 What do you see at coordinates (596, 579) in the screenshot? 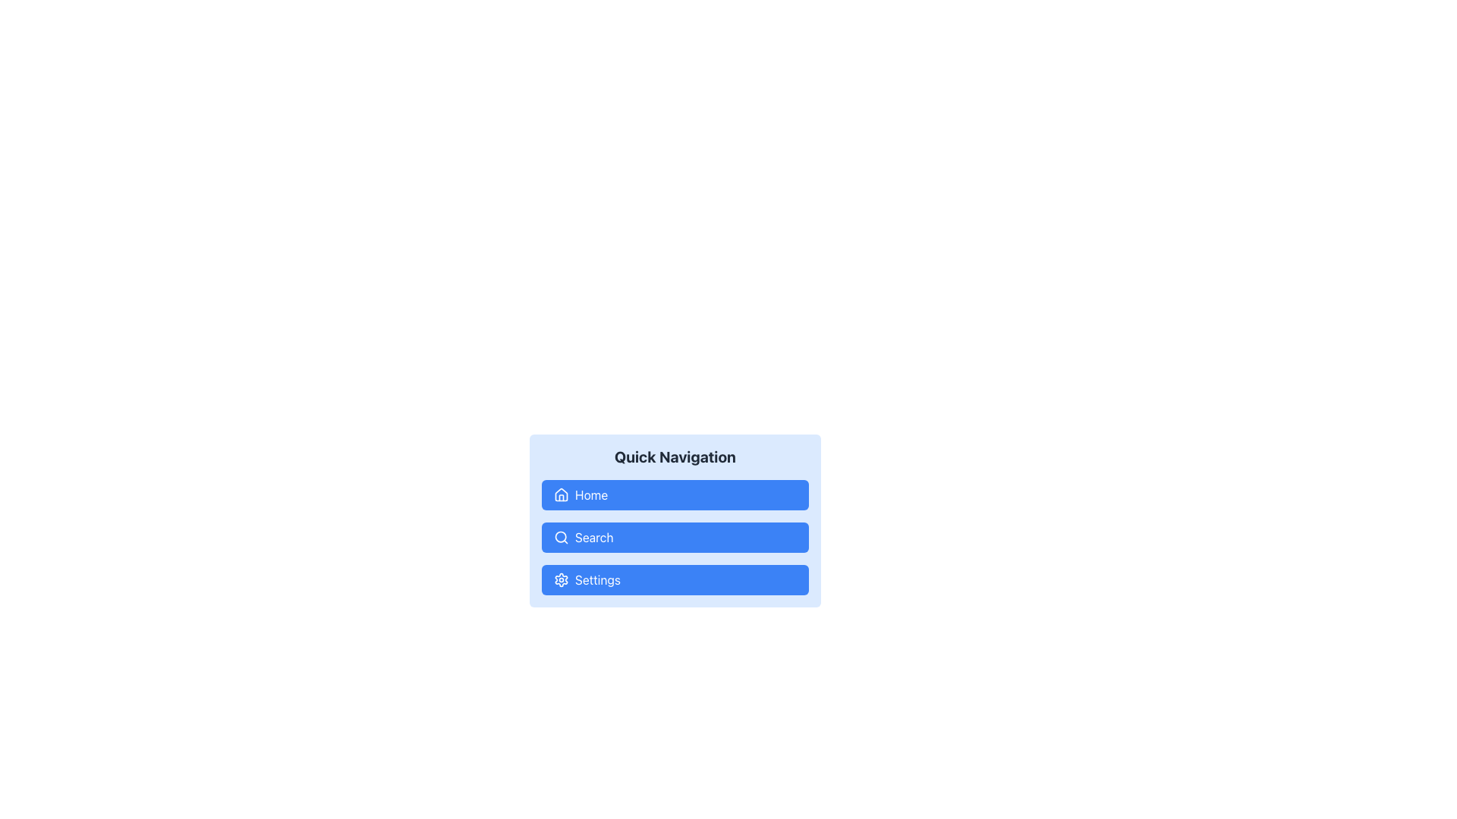
I see `the 'Settings' text label within the blue button in the 'Quick Navigation' menu, which indicates the button's purpose for accessing or configuring settings` at bounding box center [596, 579].